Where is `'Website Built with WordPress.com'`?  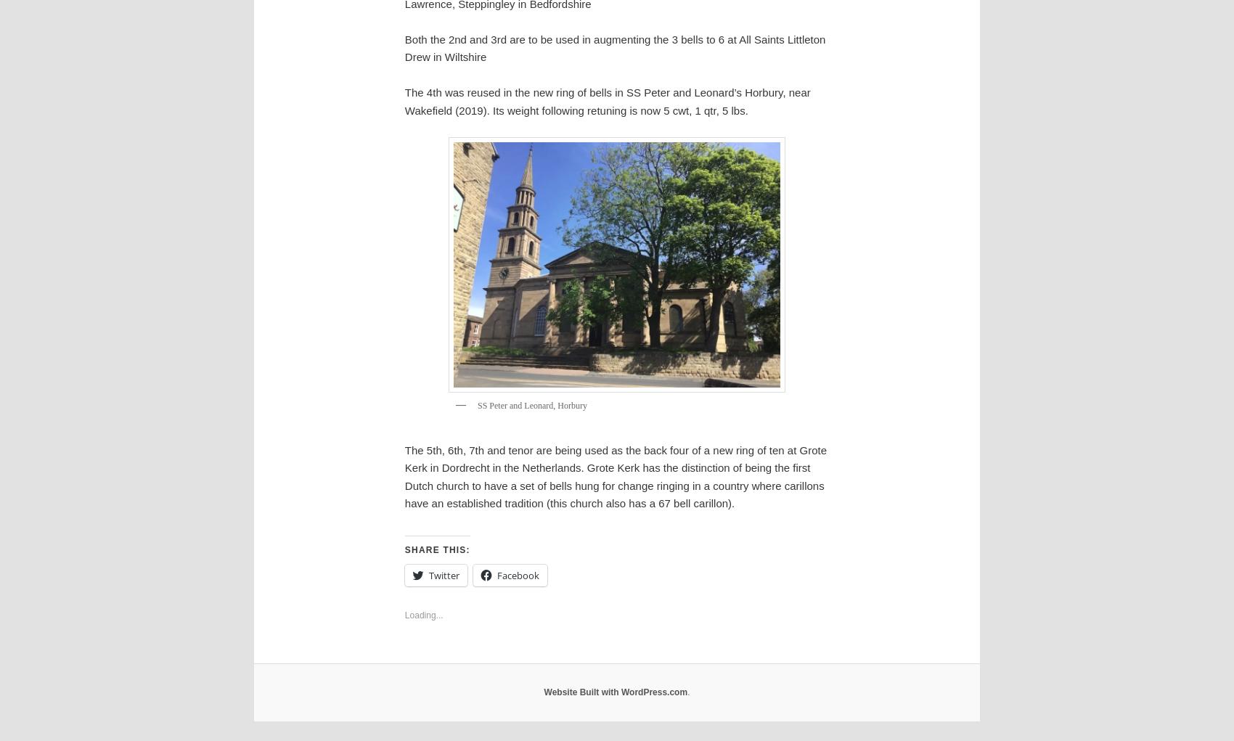
'Website Built with WordPress.com' is located at coordinates (614, 692).